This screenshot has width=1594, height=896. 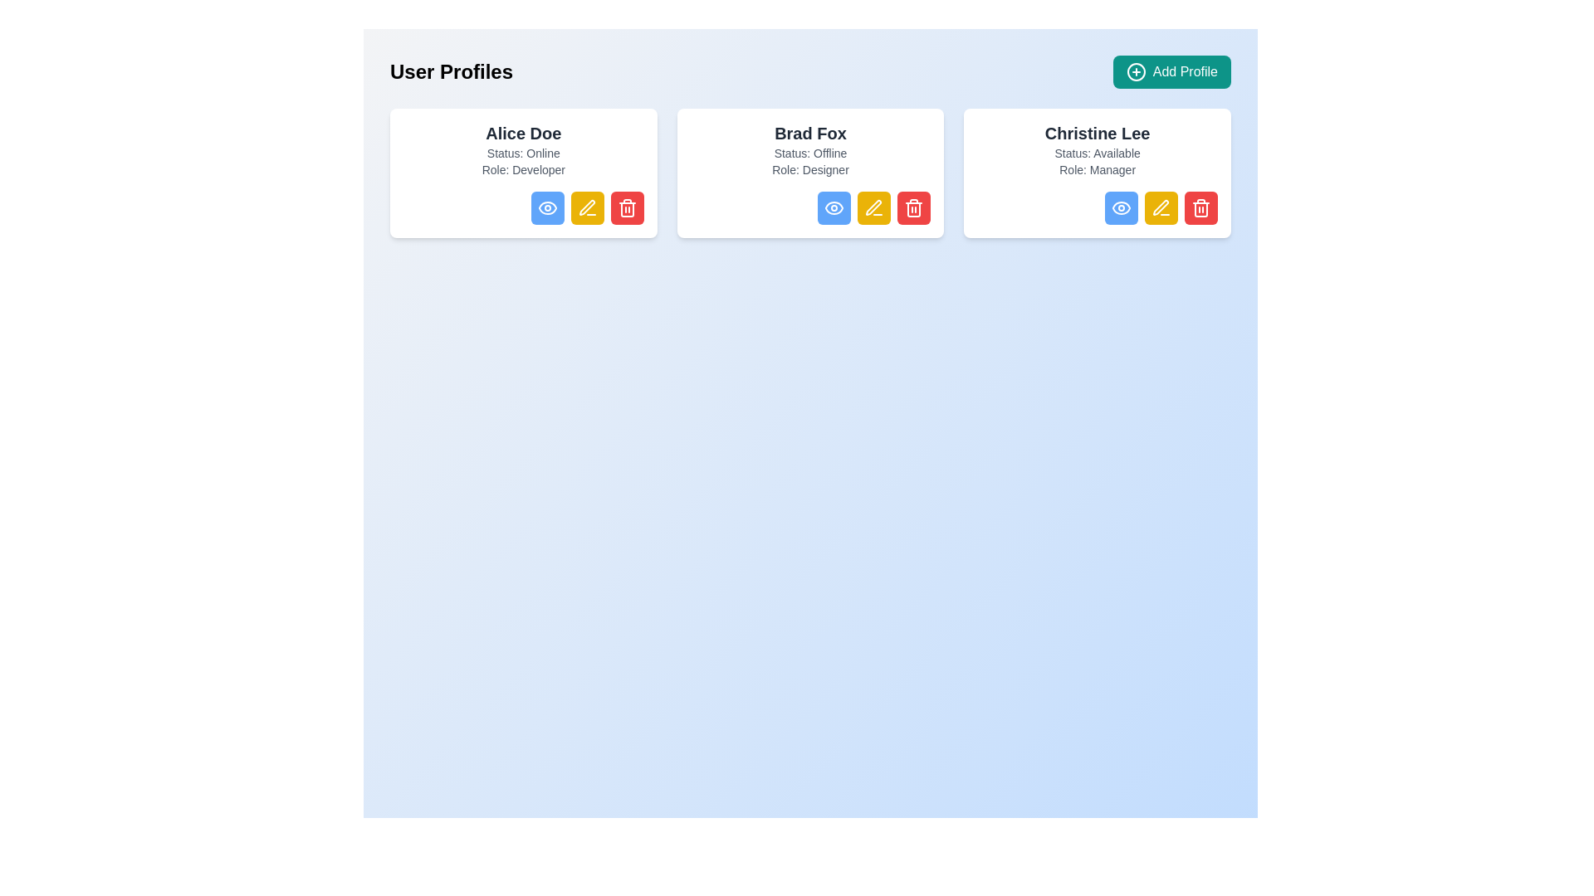 I want to click on the edit button located at the bottom-right corner of the card displaying 'Alice Doe' as the user name, so click(x=587, y=207).